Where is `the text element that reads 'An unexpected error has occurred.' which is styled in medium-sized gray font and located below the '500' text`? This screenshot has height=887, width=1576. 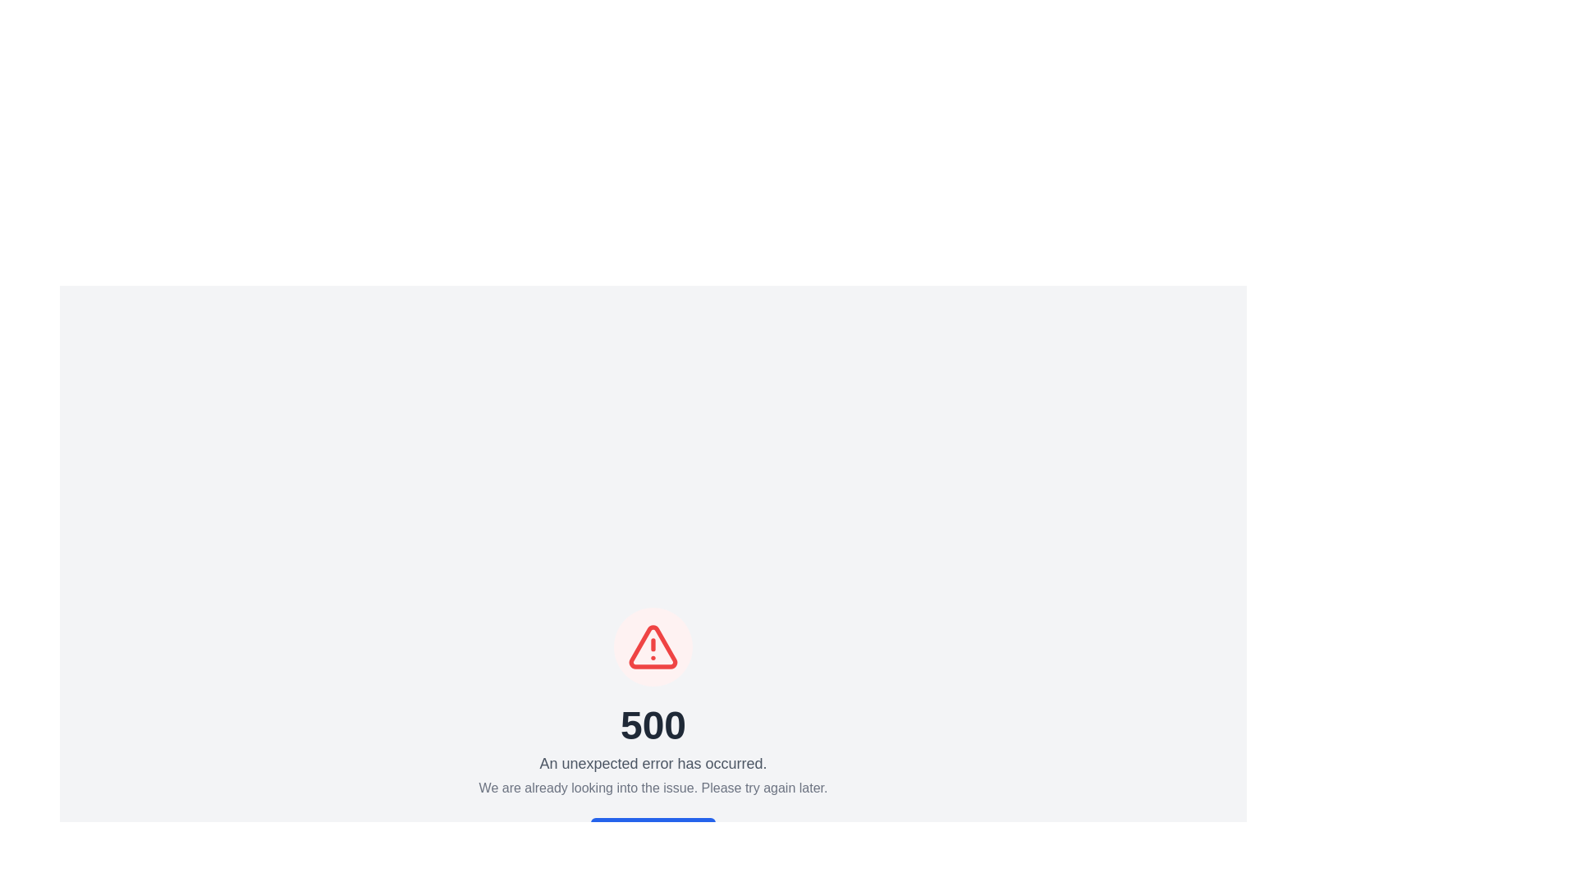 the text element that reads 'An unexpected error has occurred.' which is styled in medium-sized gray font and located below the '500' text is located at coordinates (653, 763).